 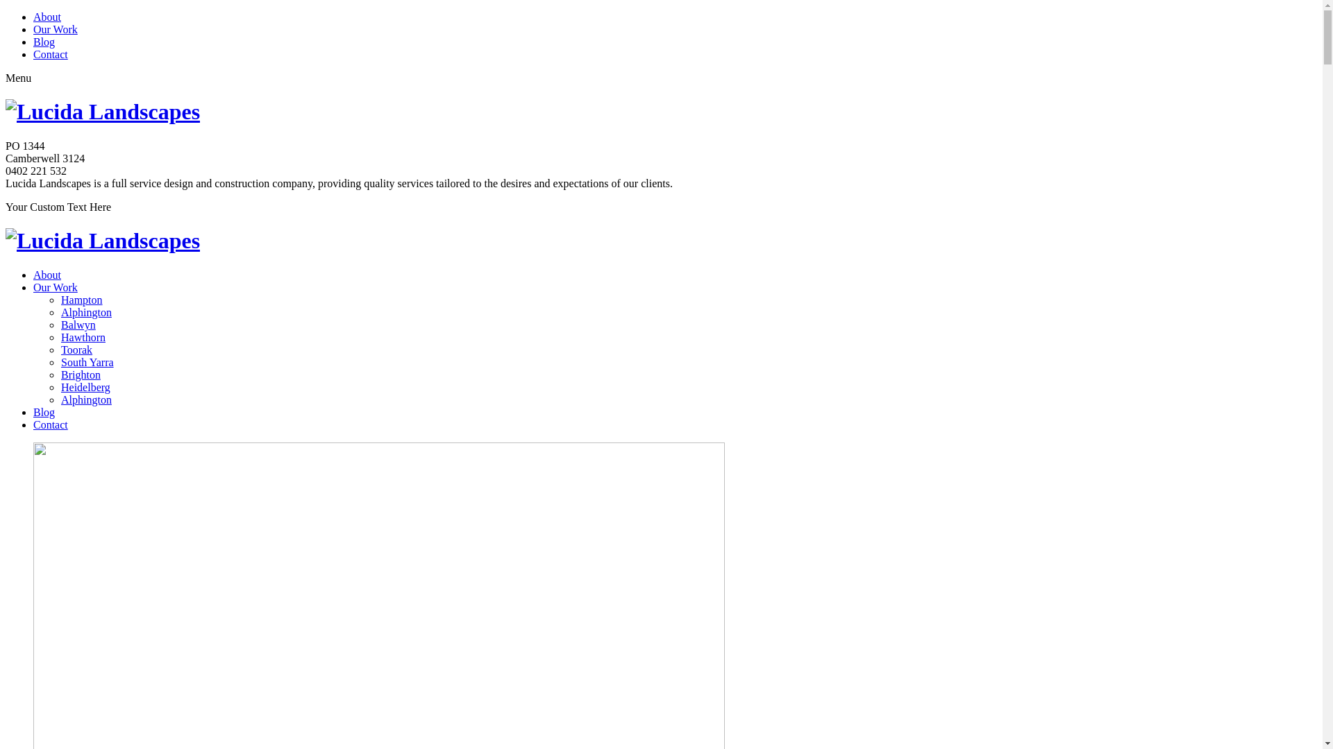 What do you see at coordinates (44, 41) in the screenshot?
I see `'Blog'` at bounding box center [44, 41].